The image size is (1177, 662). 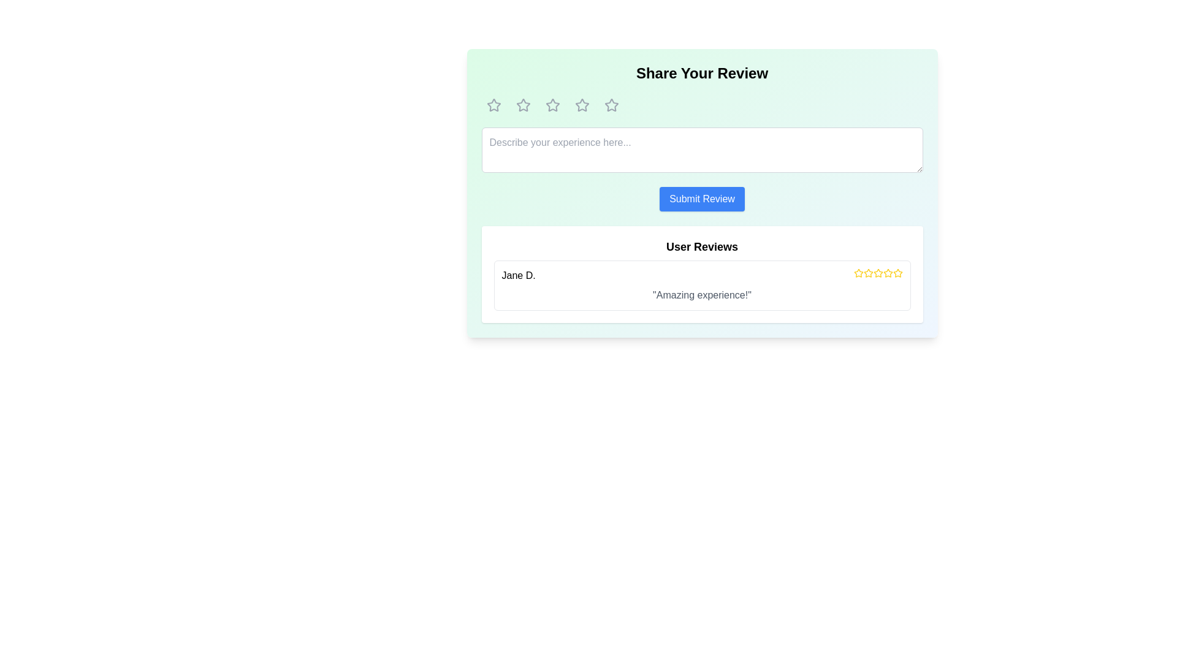 What do you see at coordinates (493, 105) in the screenshot?
I see `the first star icon` at bounding box center [493, 105].